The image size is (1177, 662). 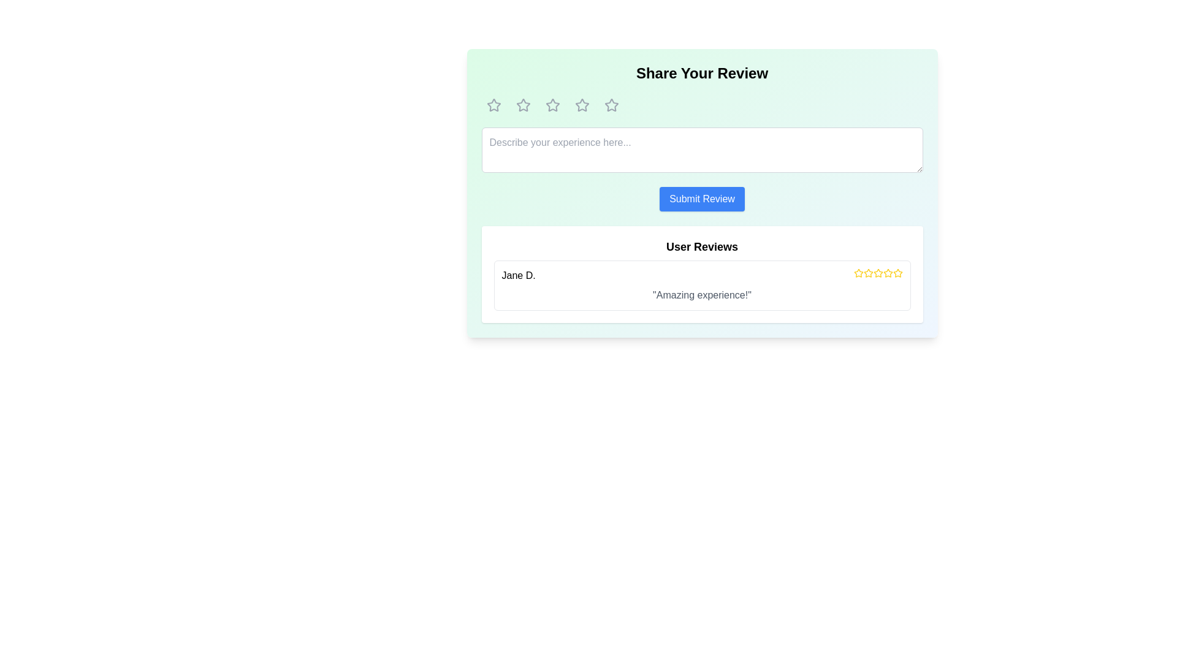 What do you see at coordinates (493, 105) in the screenshot?
I see `the first star icon` at bounding box center [493, 105].